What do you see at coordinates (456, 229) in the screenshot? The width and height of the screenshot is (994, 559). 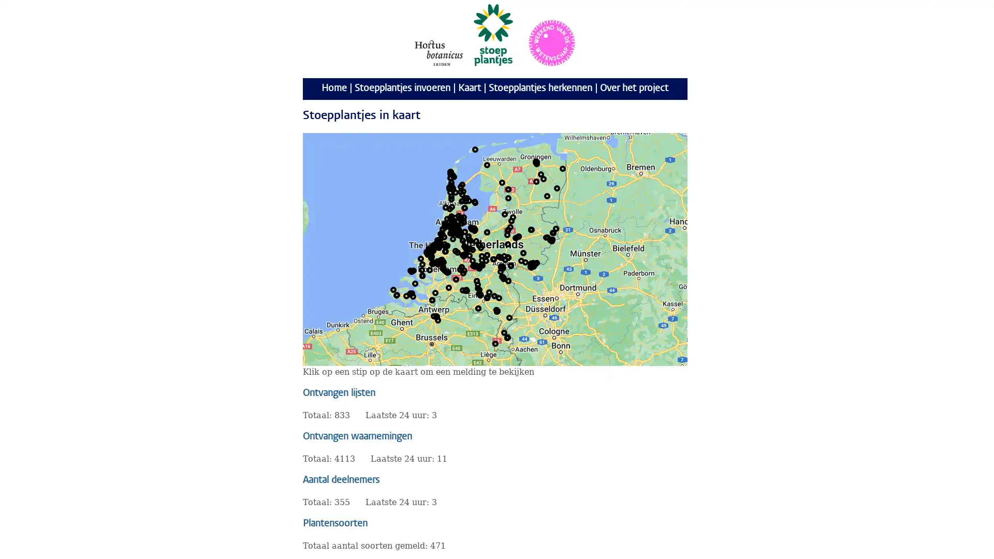 I see `Telling van Renee Meppelink op 09 november 2021` at bounding box center [456, 229].